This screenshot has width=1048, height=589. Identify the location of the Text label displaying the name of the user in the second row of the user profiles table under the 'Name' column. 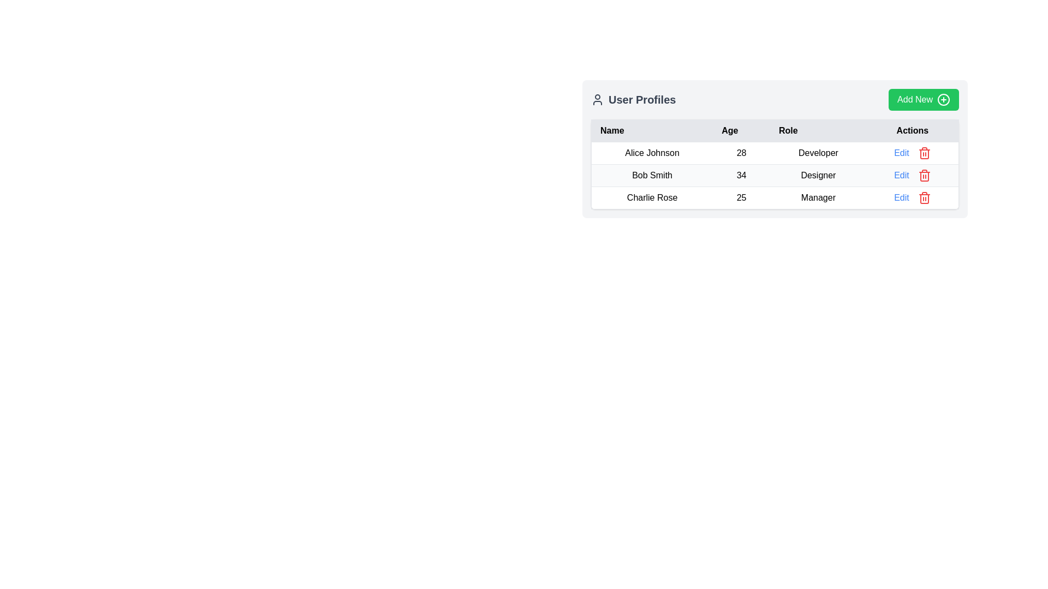
(652, 175).